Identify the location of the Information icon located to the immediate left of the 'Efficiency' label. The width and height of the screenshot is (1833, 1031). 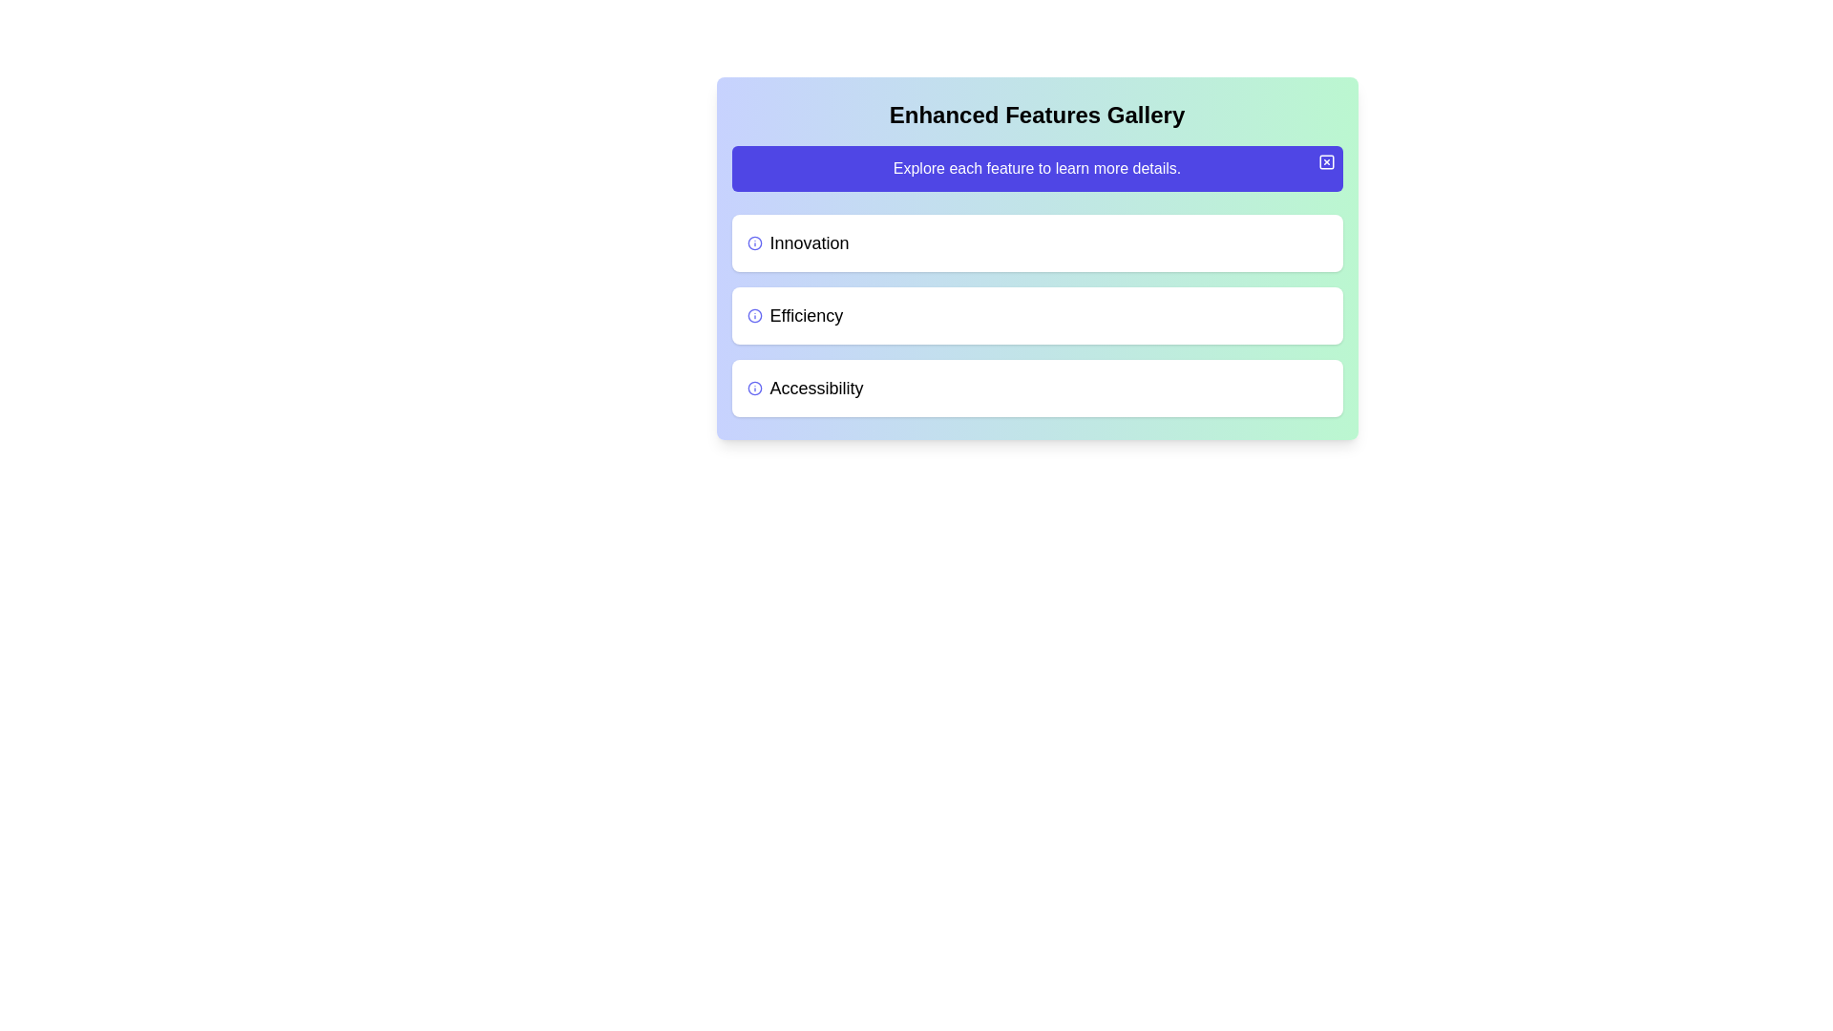
(753, 315).